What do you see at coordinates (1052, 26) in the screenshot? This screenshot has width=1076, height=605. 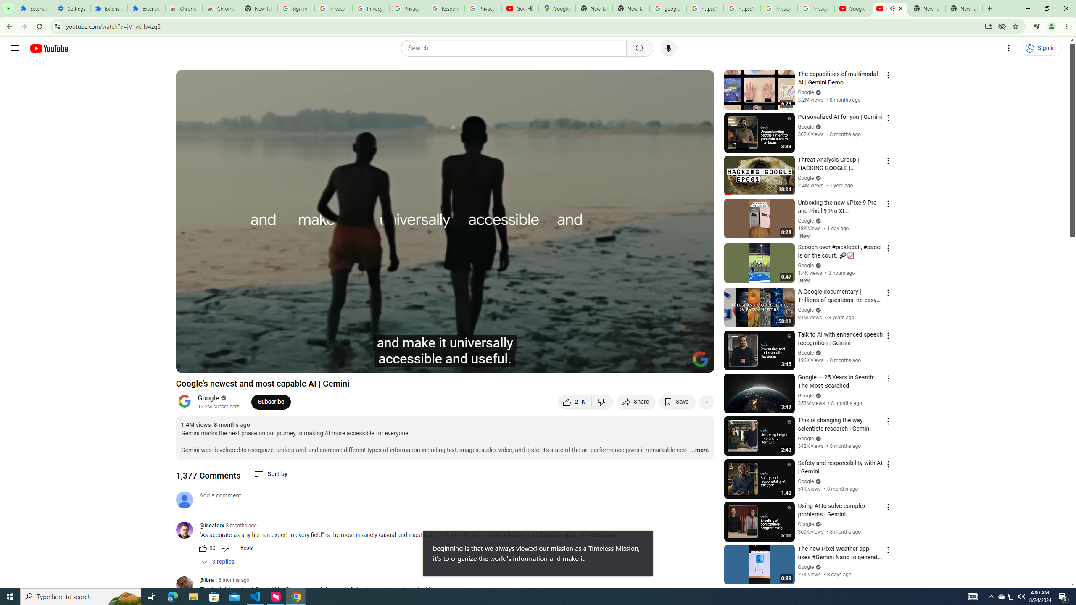 I see `'You'` at bounding box center [1052, 26].